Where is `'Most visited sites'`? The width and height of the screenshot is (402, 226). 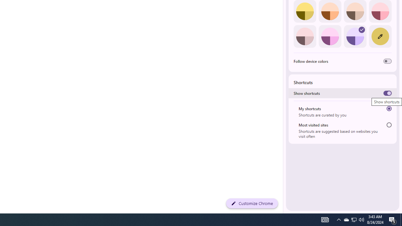
'Most visited sites' is located at coordinates (389, 125).